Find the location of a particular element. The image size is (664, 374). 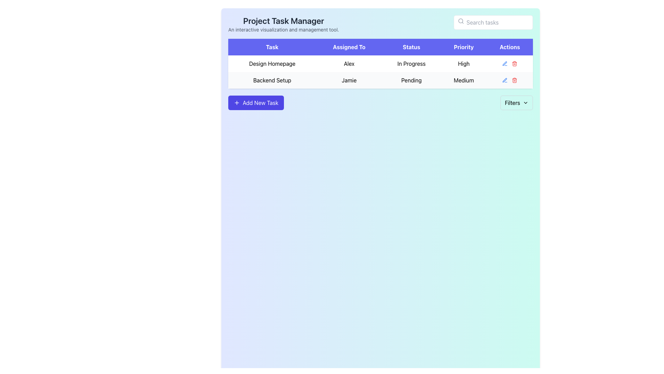

the small plus symbol icon within the blue 'Add New Task' button, which is the first component aligned to the left of the button's text is located at coordinates (237, 103).